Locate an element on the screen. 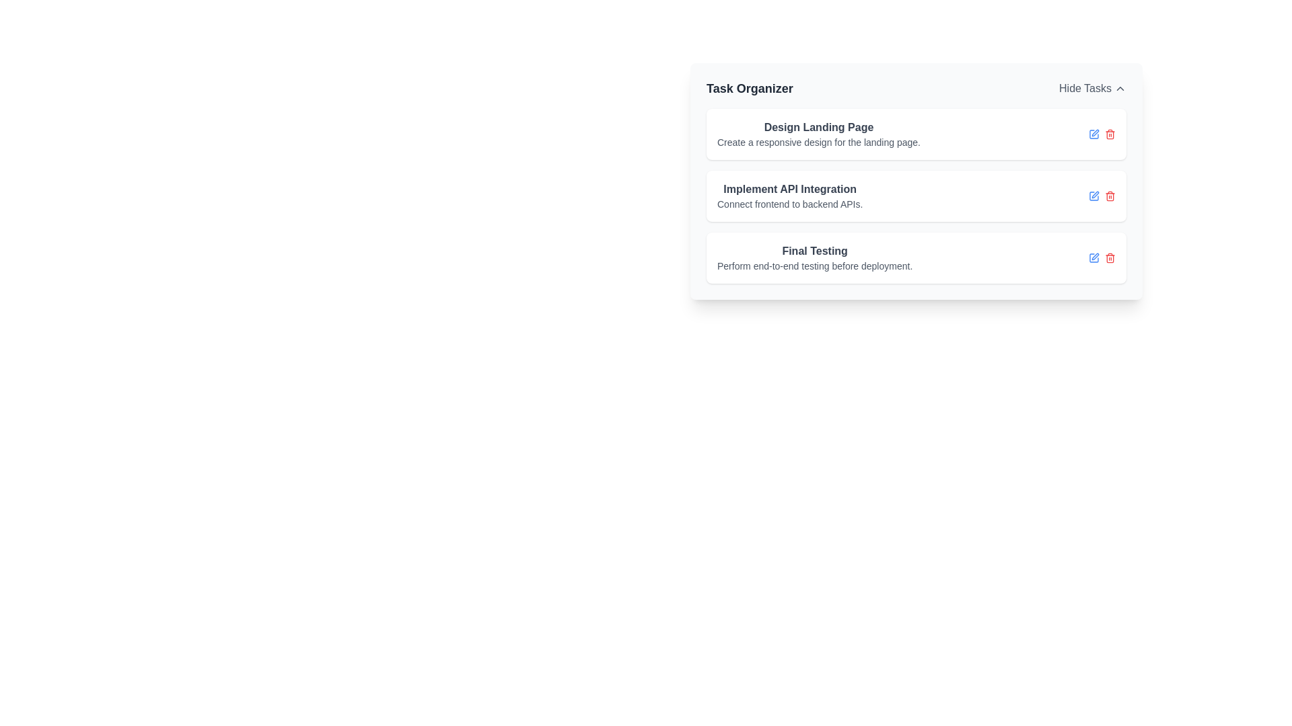  the small blue pen icon button located to the right side of the list items is located at coordinates (1094, 134).